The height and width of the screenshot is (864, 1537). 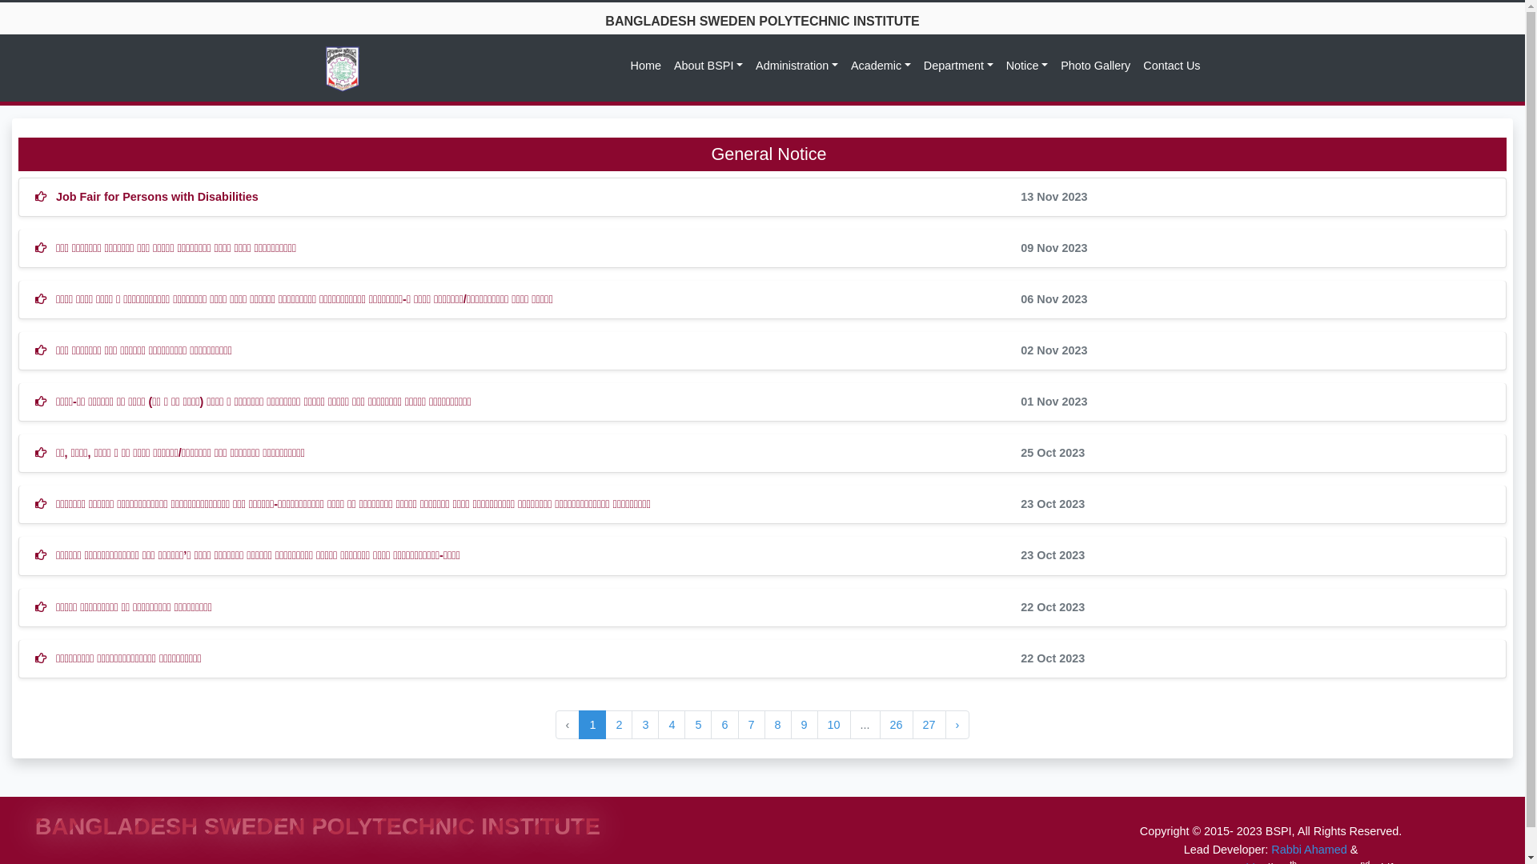 What do you see at coordinates (1309, 848) in the screenshot?
I see `'Rabbi Ahamed'` at bounding box center [1309, 848].